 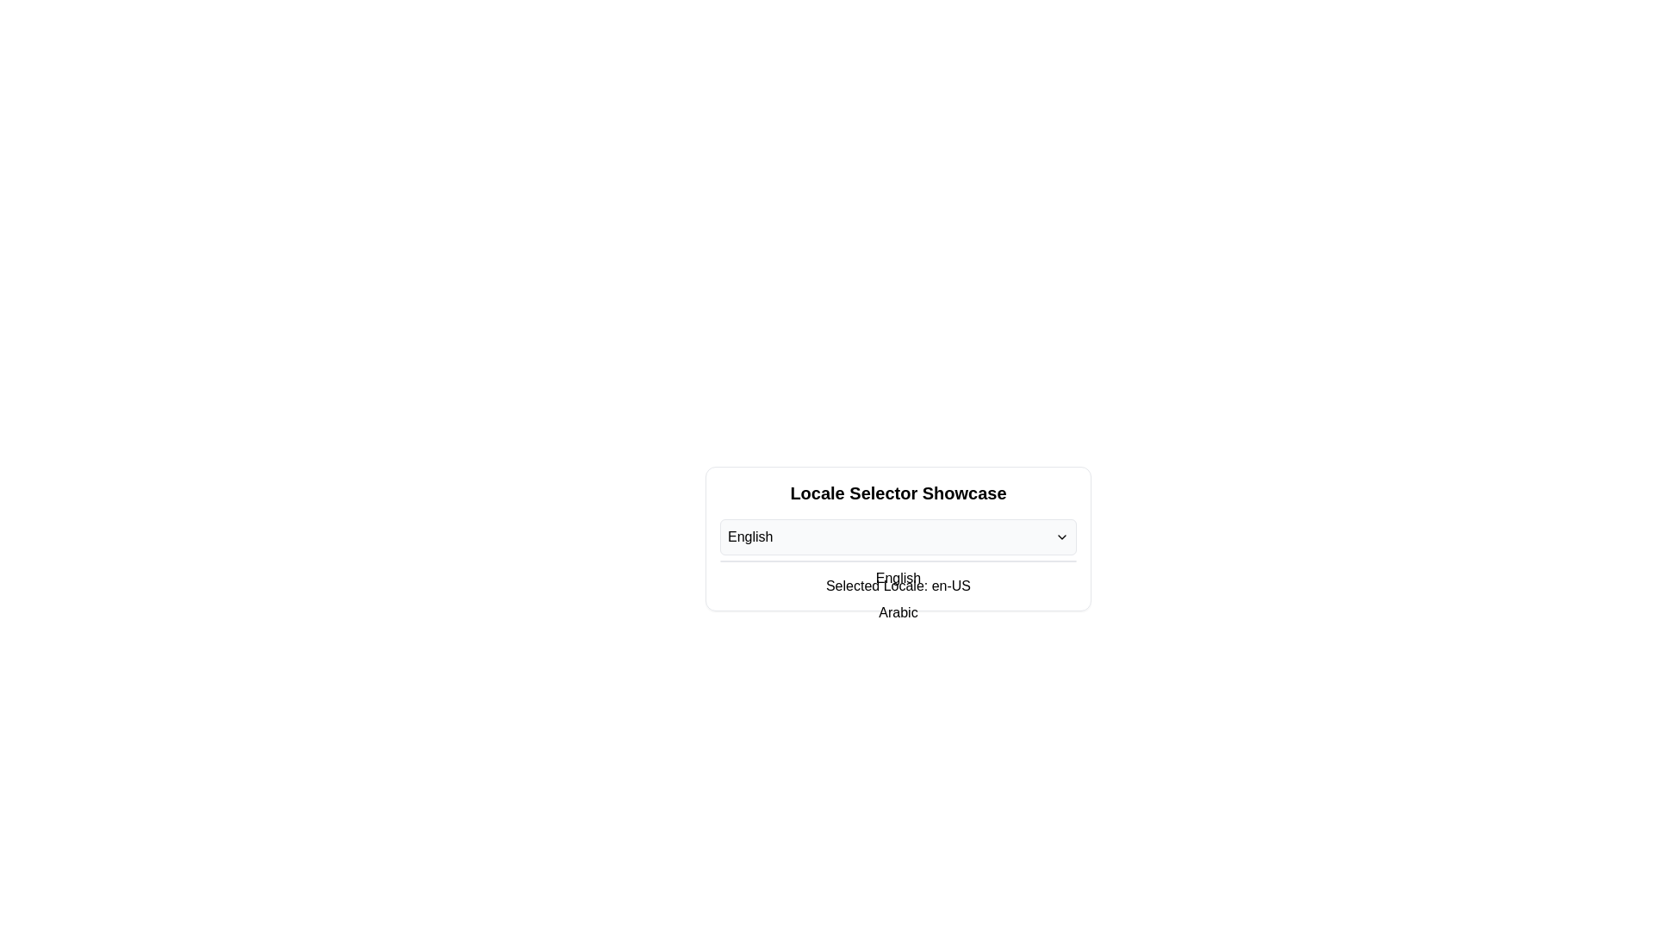 I want to click on text from the Text Label displaying the current locale selected by the user, located below the locale selection options in the 'Locale Selector Showcase', so click(x=897, y=586).